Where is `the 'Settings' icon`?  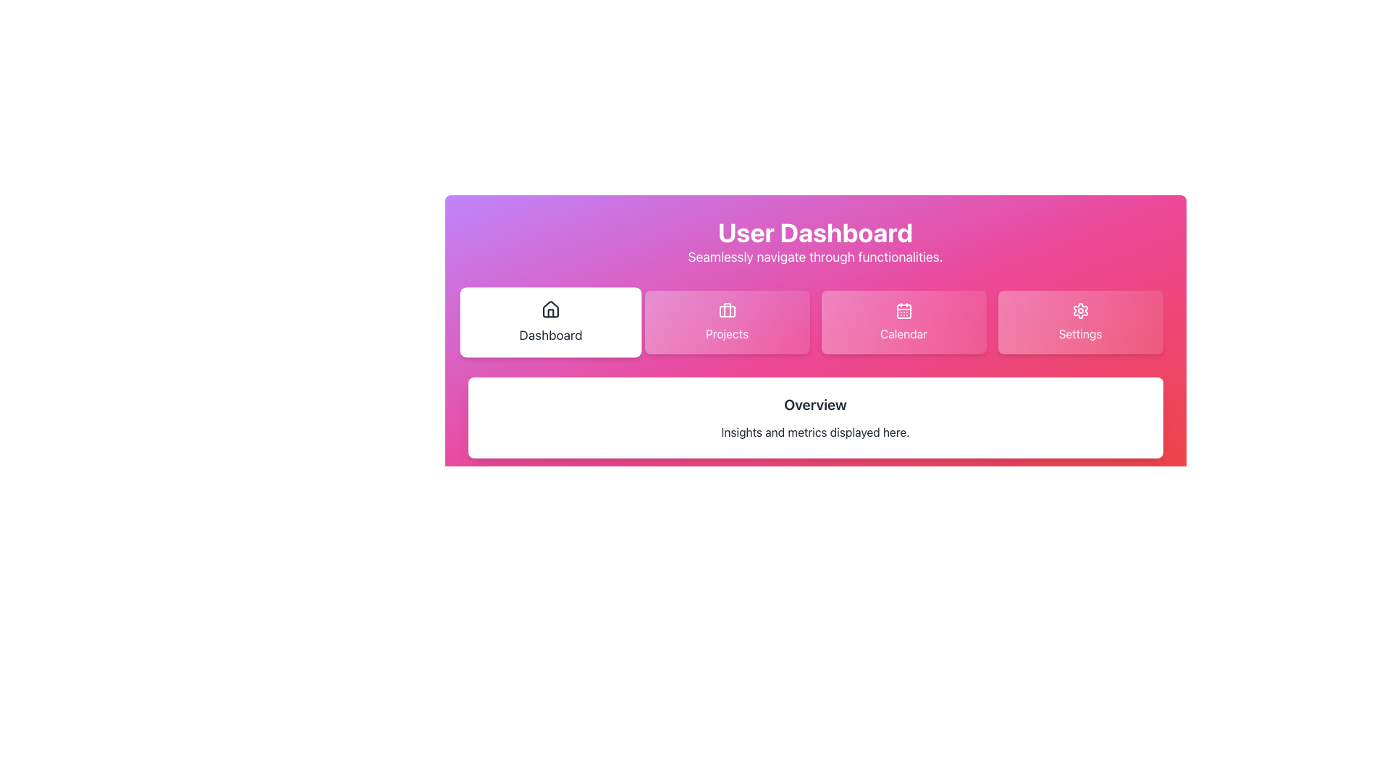 the 'Settings' icon is located at coordinates (1080, 310).